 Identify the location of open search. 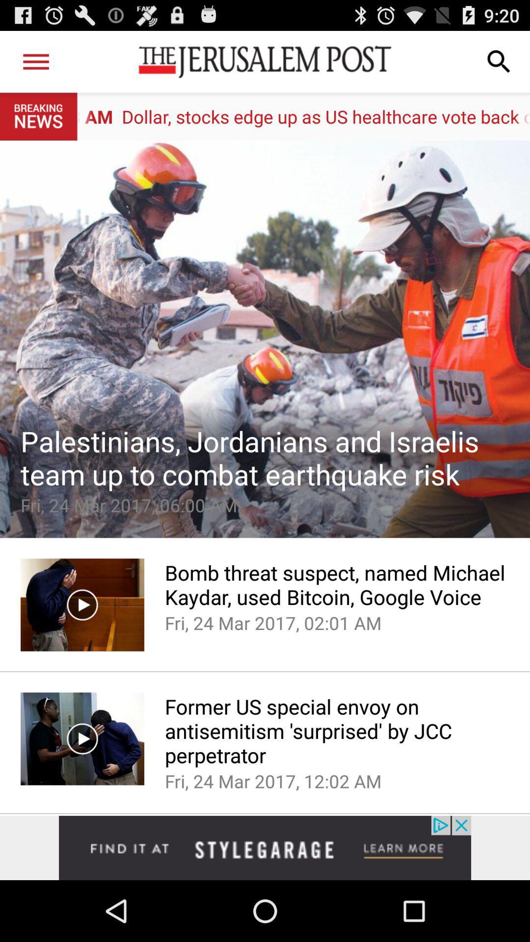
(499, 61).